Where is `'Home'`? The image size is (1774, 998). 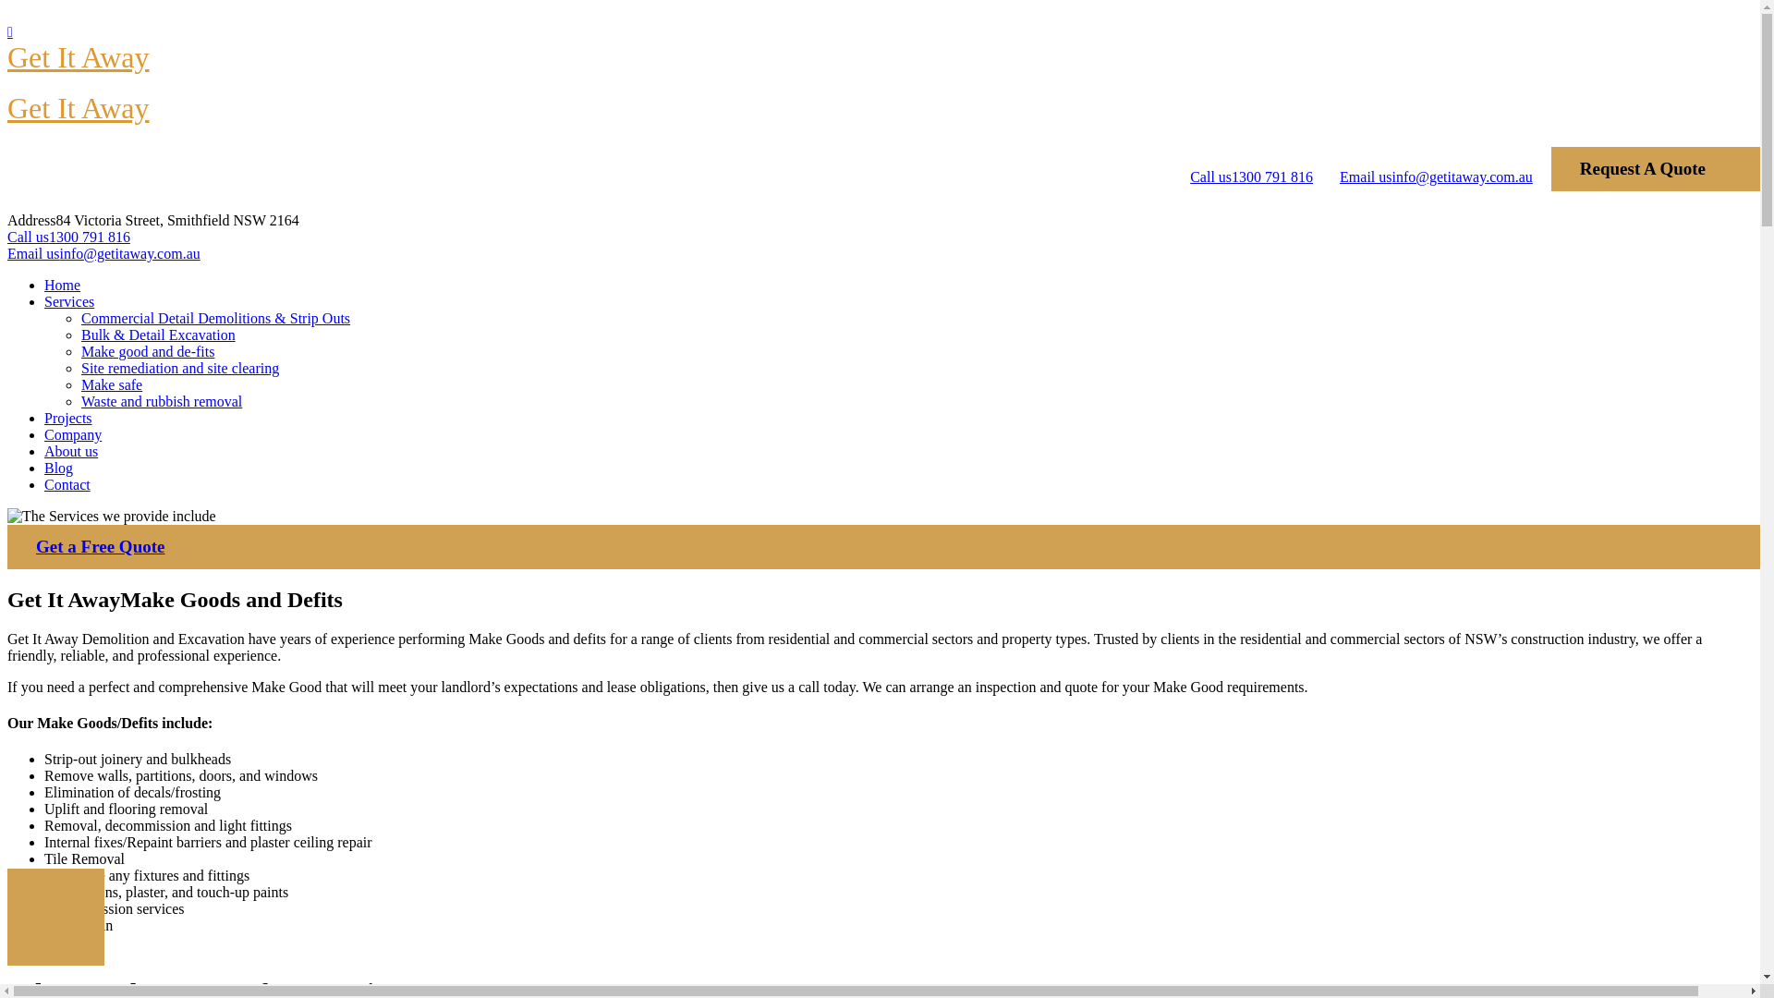 'Home' is located at coordinates (62, 285).